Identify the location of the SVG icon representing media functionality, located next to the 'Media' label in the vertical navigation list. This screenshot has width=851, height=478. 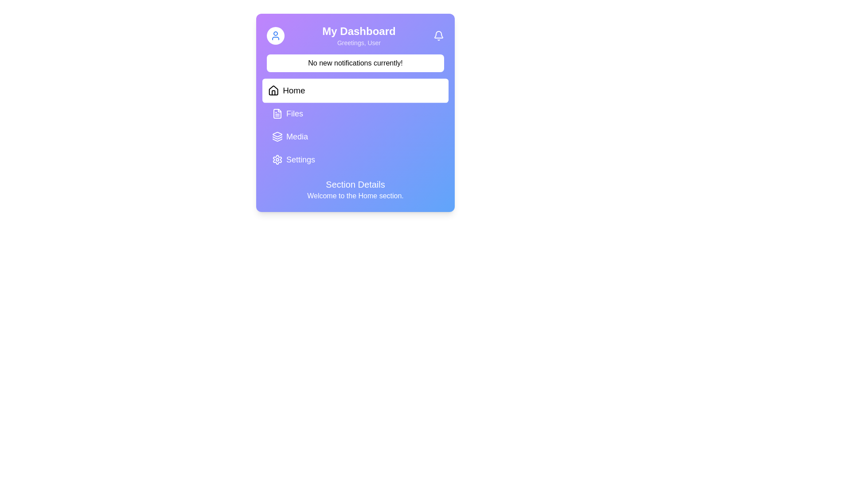
(277, 136).